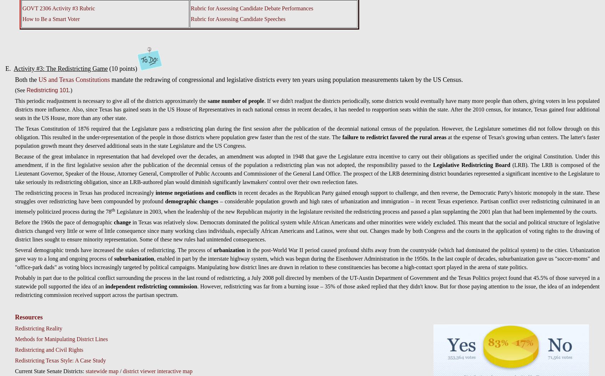  What do you see at coordinates (9, 69) in the screenshot?
I see `'E.'` at bounding box center [9, 69].